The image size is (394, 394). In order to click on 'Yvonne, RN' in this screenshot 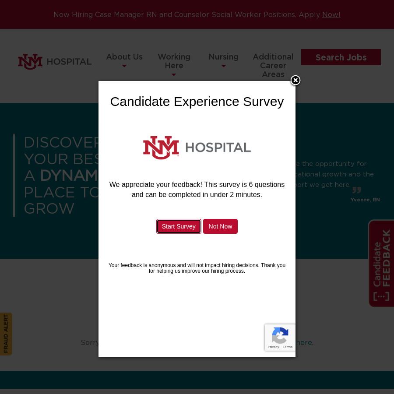, I will do `click(350, 199)`.